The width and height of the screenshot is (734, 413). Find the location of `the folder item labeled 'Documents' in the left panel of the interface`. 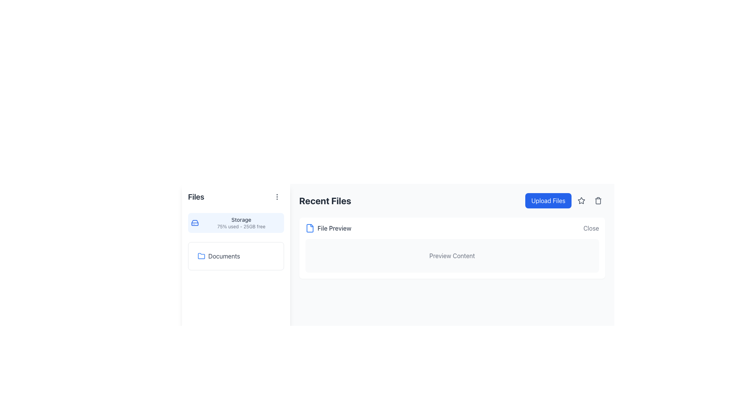

the folder item labeled 'Documents' in the left panel of the interface is located at coordinates (235, 256).